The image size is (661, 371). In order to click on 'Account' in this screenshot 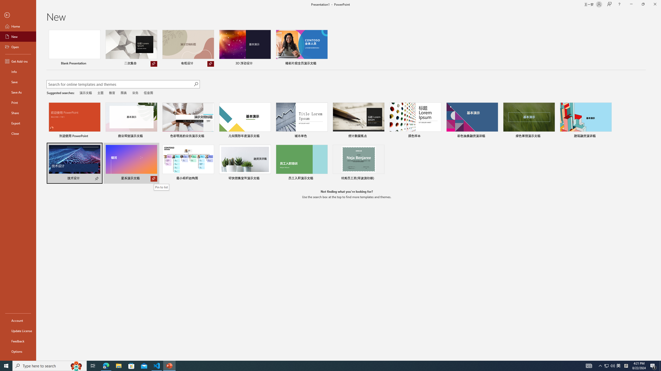, I will do `click(18, 321)`.